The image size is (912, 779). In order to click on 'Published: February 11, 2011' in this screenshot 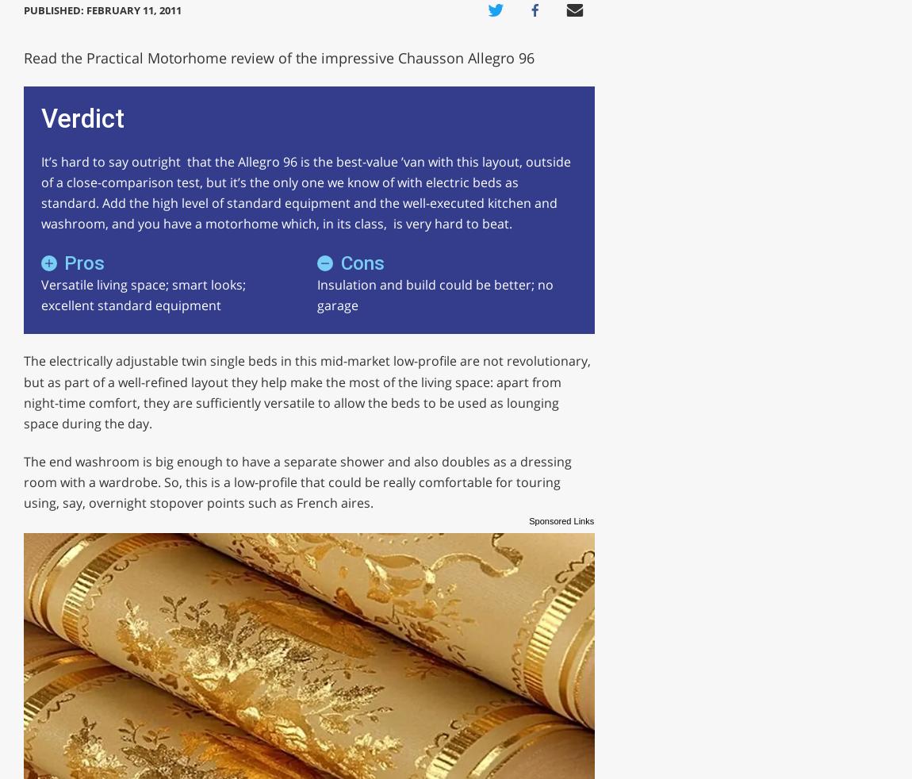, I will do `click(101, 8)`.